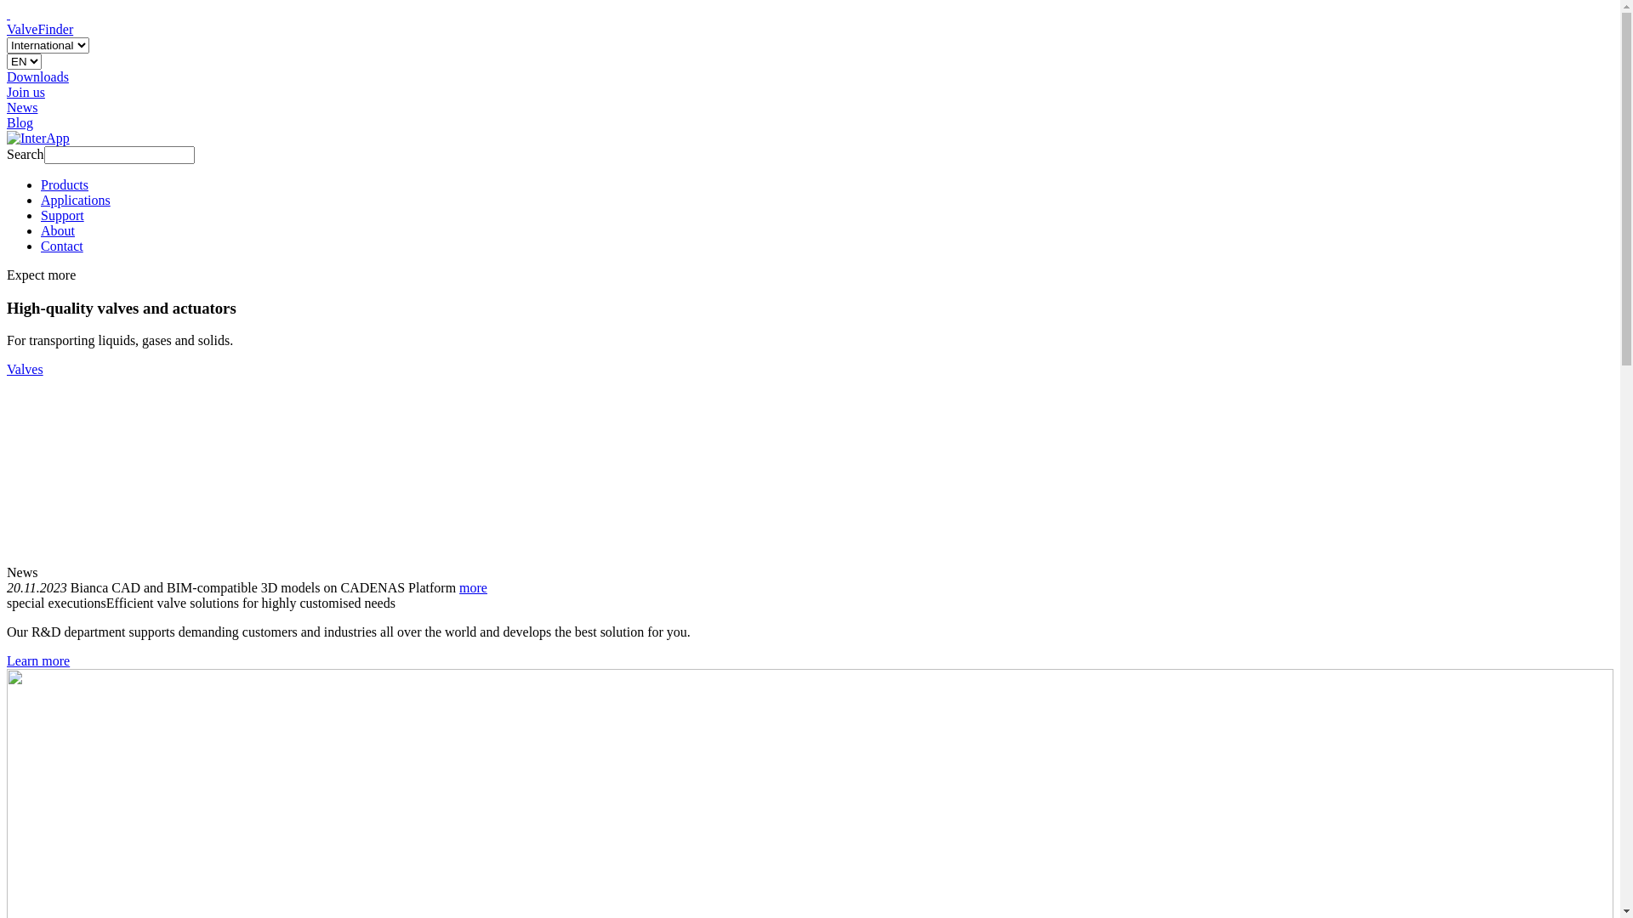  What do you see at coordinates (20, 122) in the screenshot?
I see `'Blog'` at bounding box center [20, 122].